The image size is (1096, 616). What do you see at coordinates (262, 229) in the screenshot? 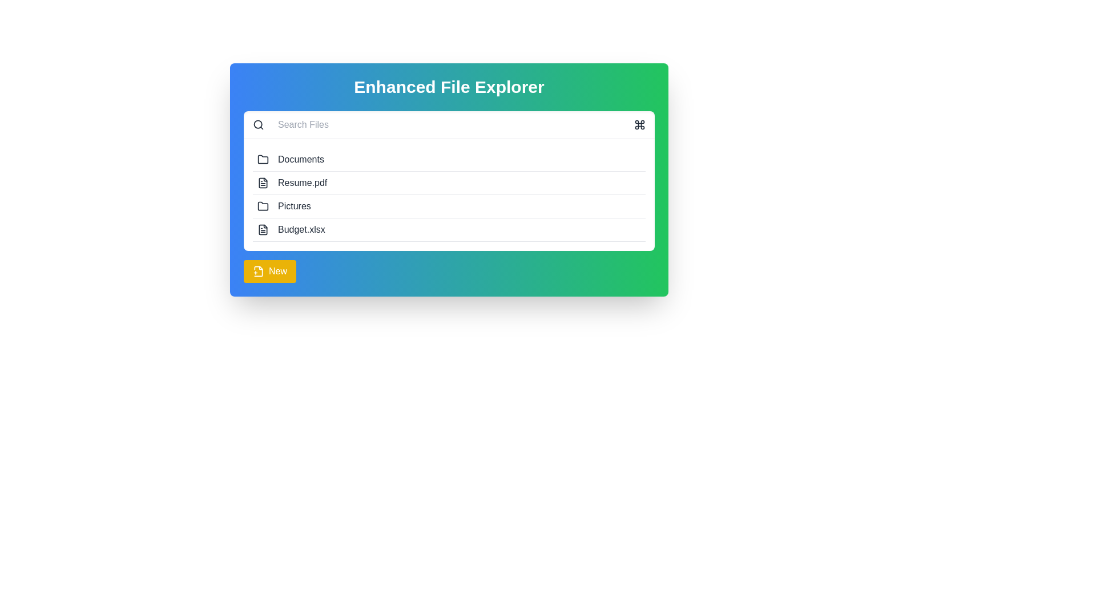
I see `the small document icon for the list entry labeled 'Budget.xlsx', which is styled with a dark color and sharp edges, located on the left side of the entry` at bounding box center [262, 229].